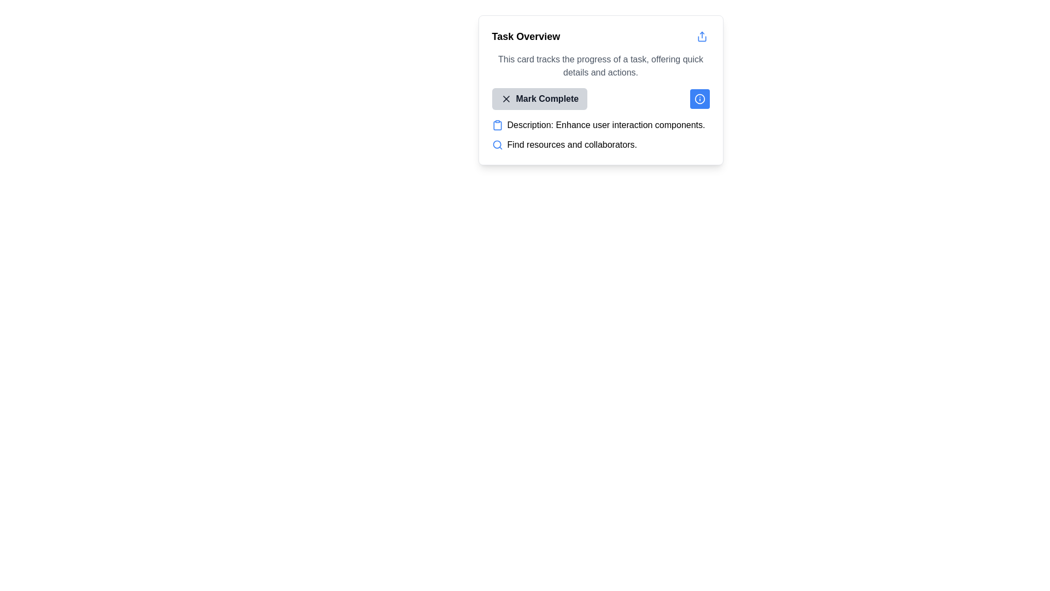 Image resolution: width=1050 pixels, height=591 pixels. Describe the element at coordinates (539, 99) in the screenshot. I see `the 'Mark as Completed' button located at the top-left portion of the 'Task Overview' card` at that location.